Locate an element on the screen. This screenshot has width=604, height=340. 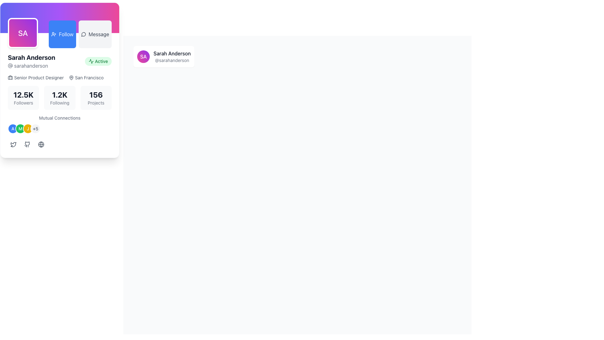
'Mutual Connections' title in the Grouped avatar display section, which is located within the profile card layout, just above social media links is located at coordinates (60, 124).